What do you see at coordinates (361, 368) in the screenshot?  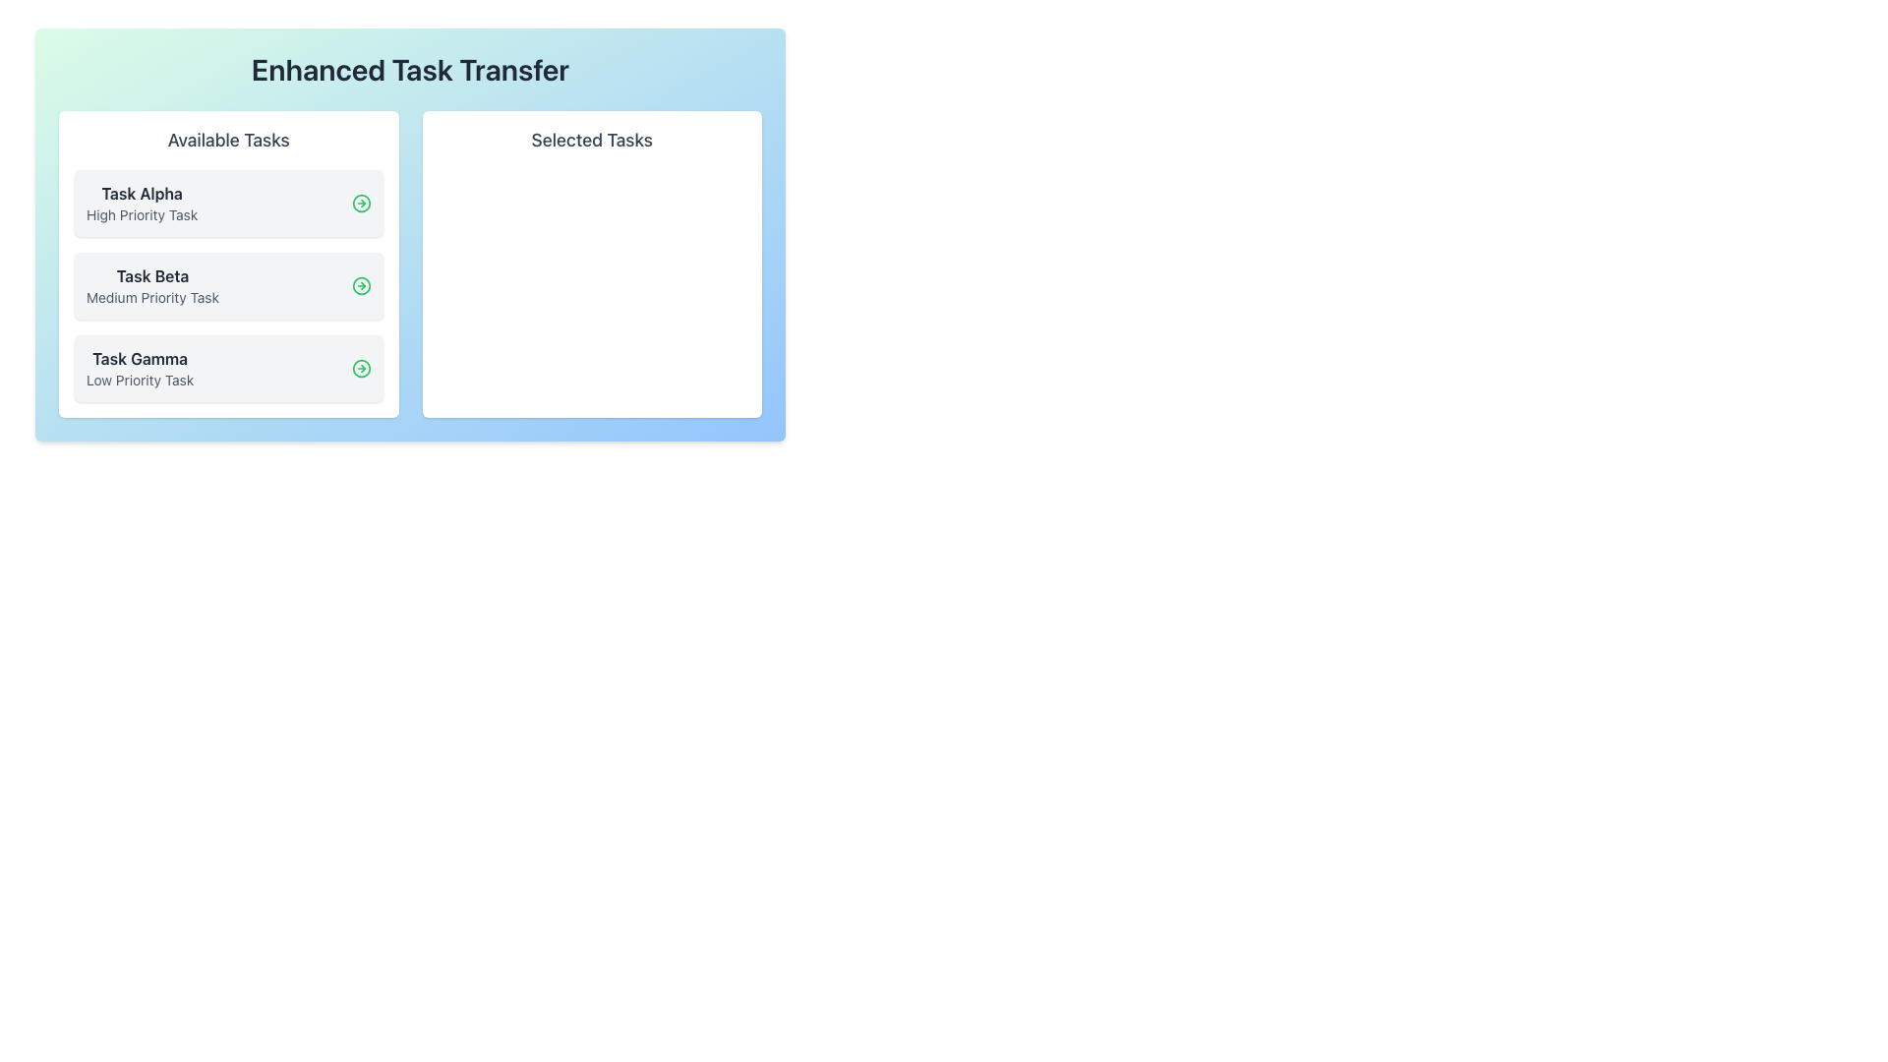 I see `the circular SVG component representing a right arrow within the last task card titled 'Task Gamma' in the 'Available Tasks' section` at bounding box center [361, 368].